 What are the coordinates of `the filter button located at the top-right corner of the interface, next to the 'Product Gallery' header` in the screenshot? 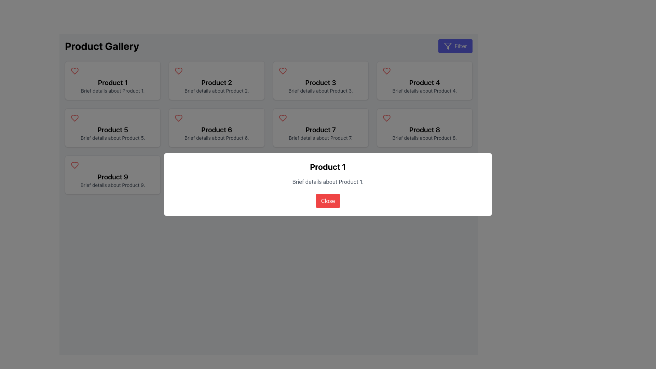 It's located at (455, 46).